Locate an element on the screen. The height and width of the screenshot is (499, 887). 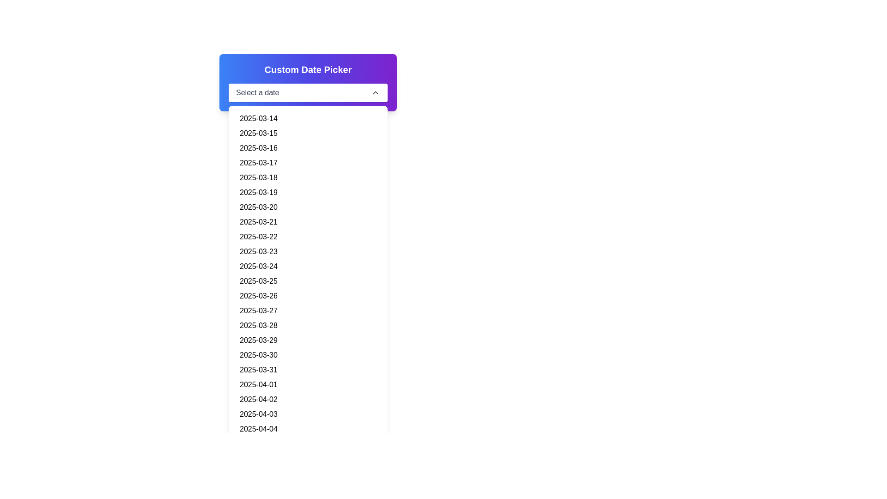
the sixteenth date list item representing '2025-03-29' is located at coordinates (308, 340).